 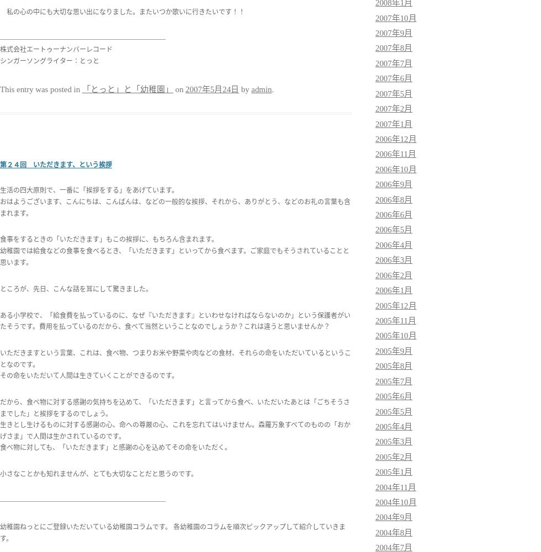 What do you see at coordinates (375, 351) in the screenshot?
I see `'2005年9月'` at bounding box center [375, 351].